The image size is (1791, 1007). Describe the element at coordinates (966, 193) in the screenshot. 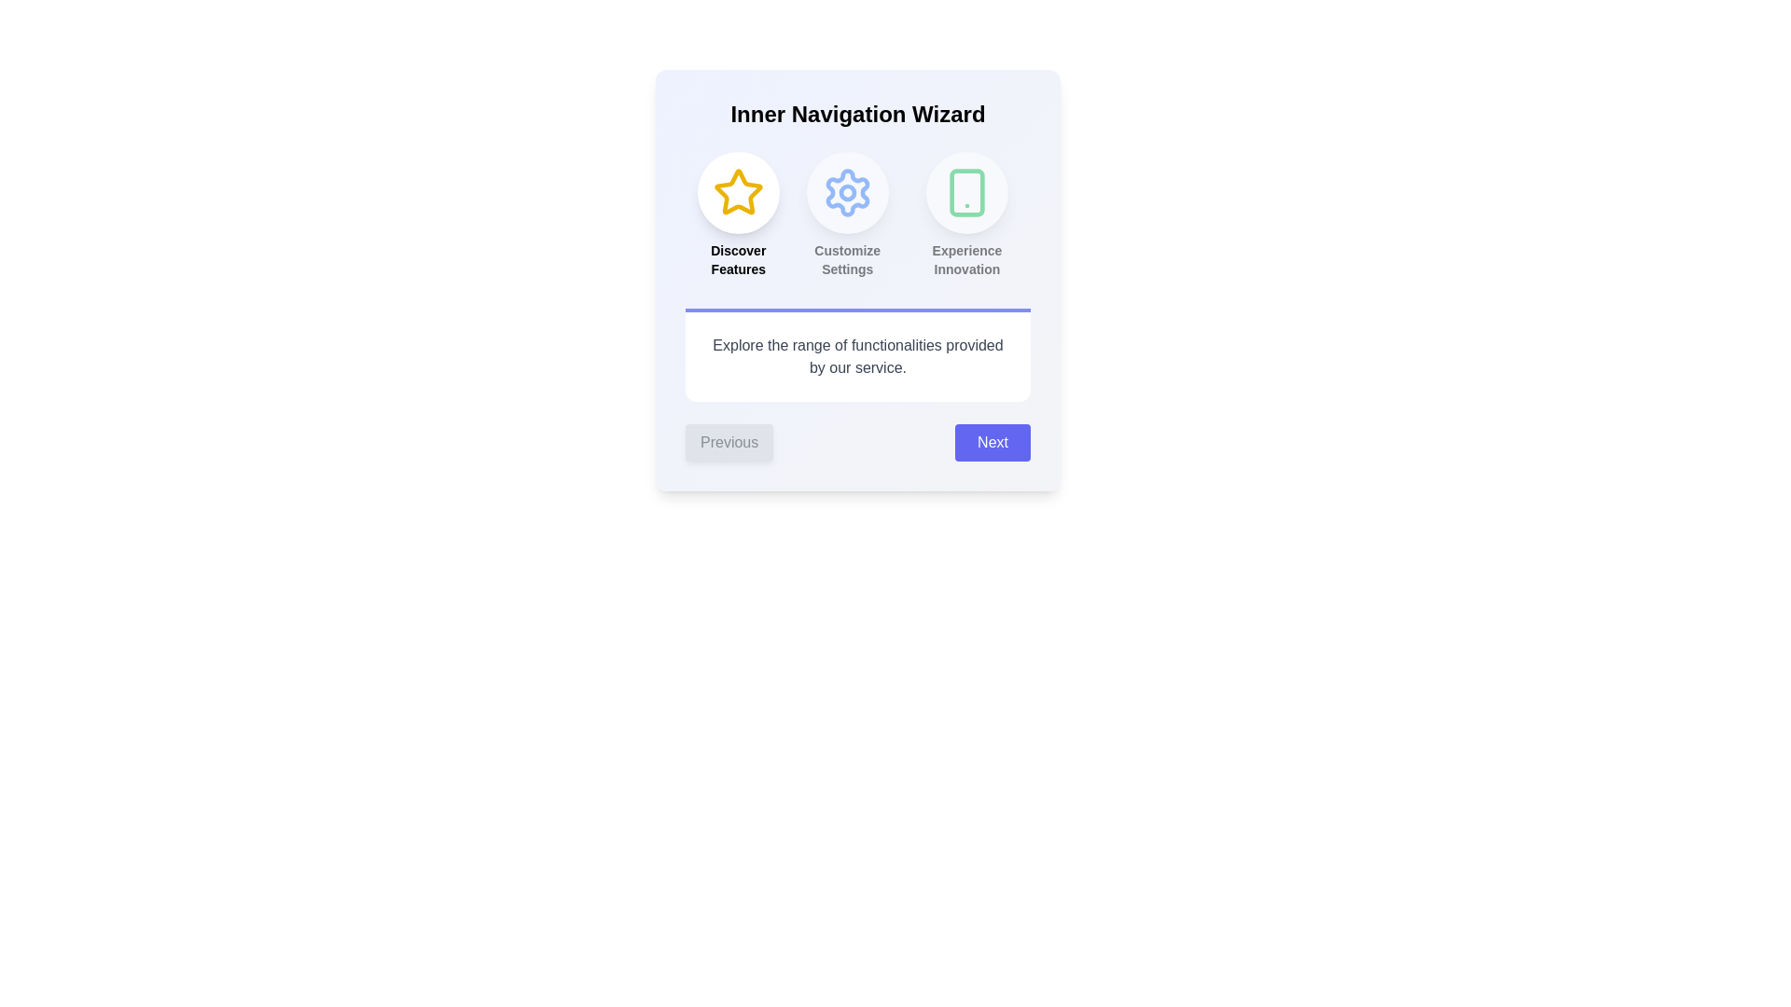

I see `the icon corresponding to Experience Innovation` at that location.